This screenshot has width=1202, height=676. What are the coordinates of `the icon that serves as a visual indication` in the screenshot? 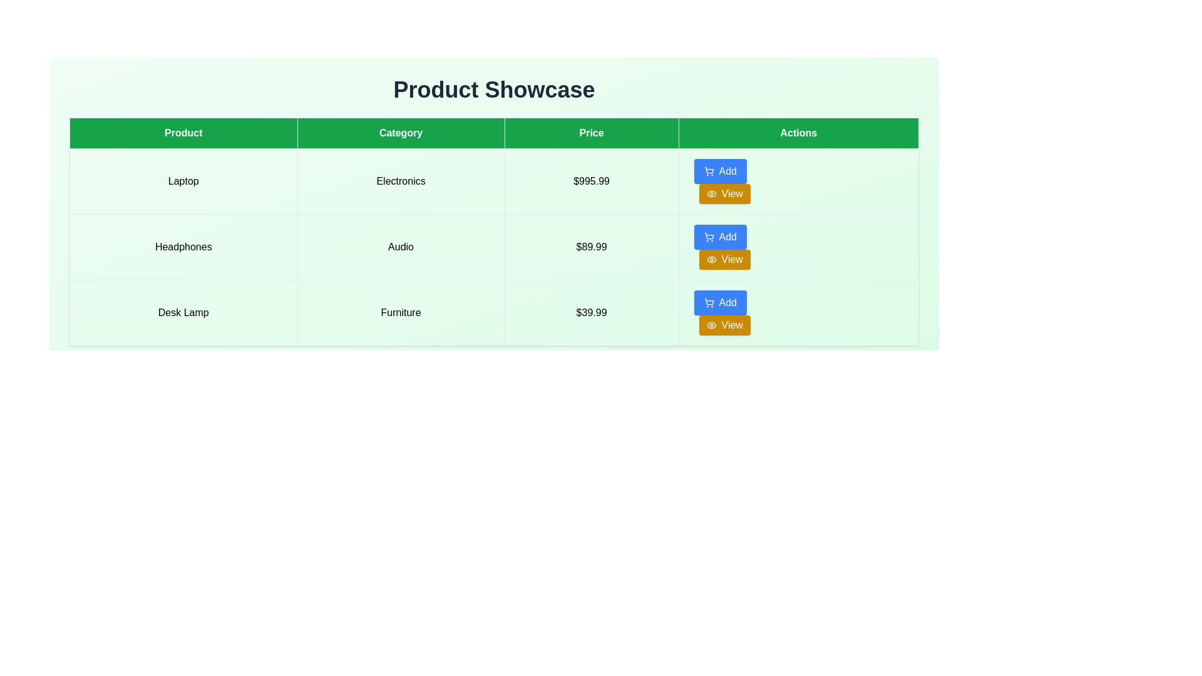 It's located at (711, 259).